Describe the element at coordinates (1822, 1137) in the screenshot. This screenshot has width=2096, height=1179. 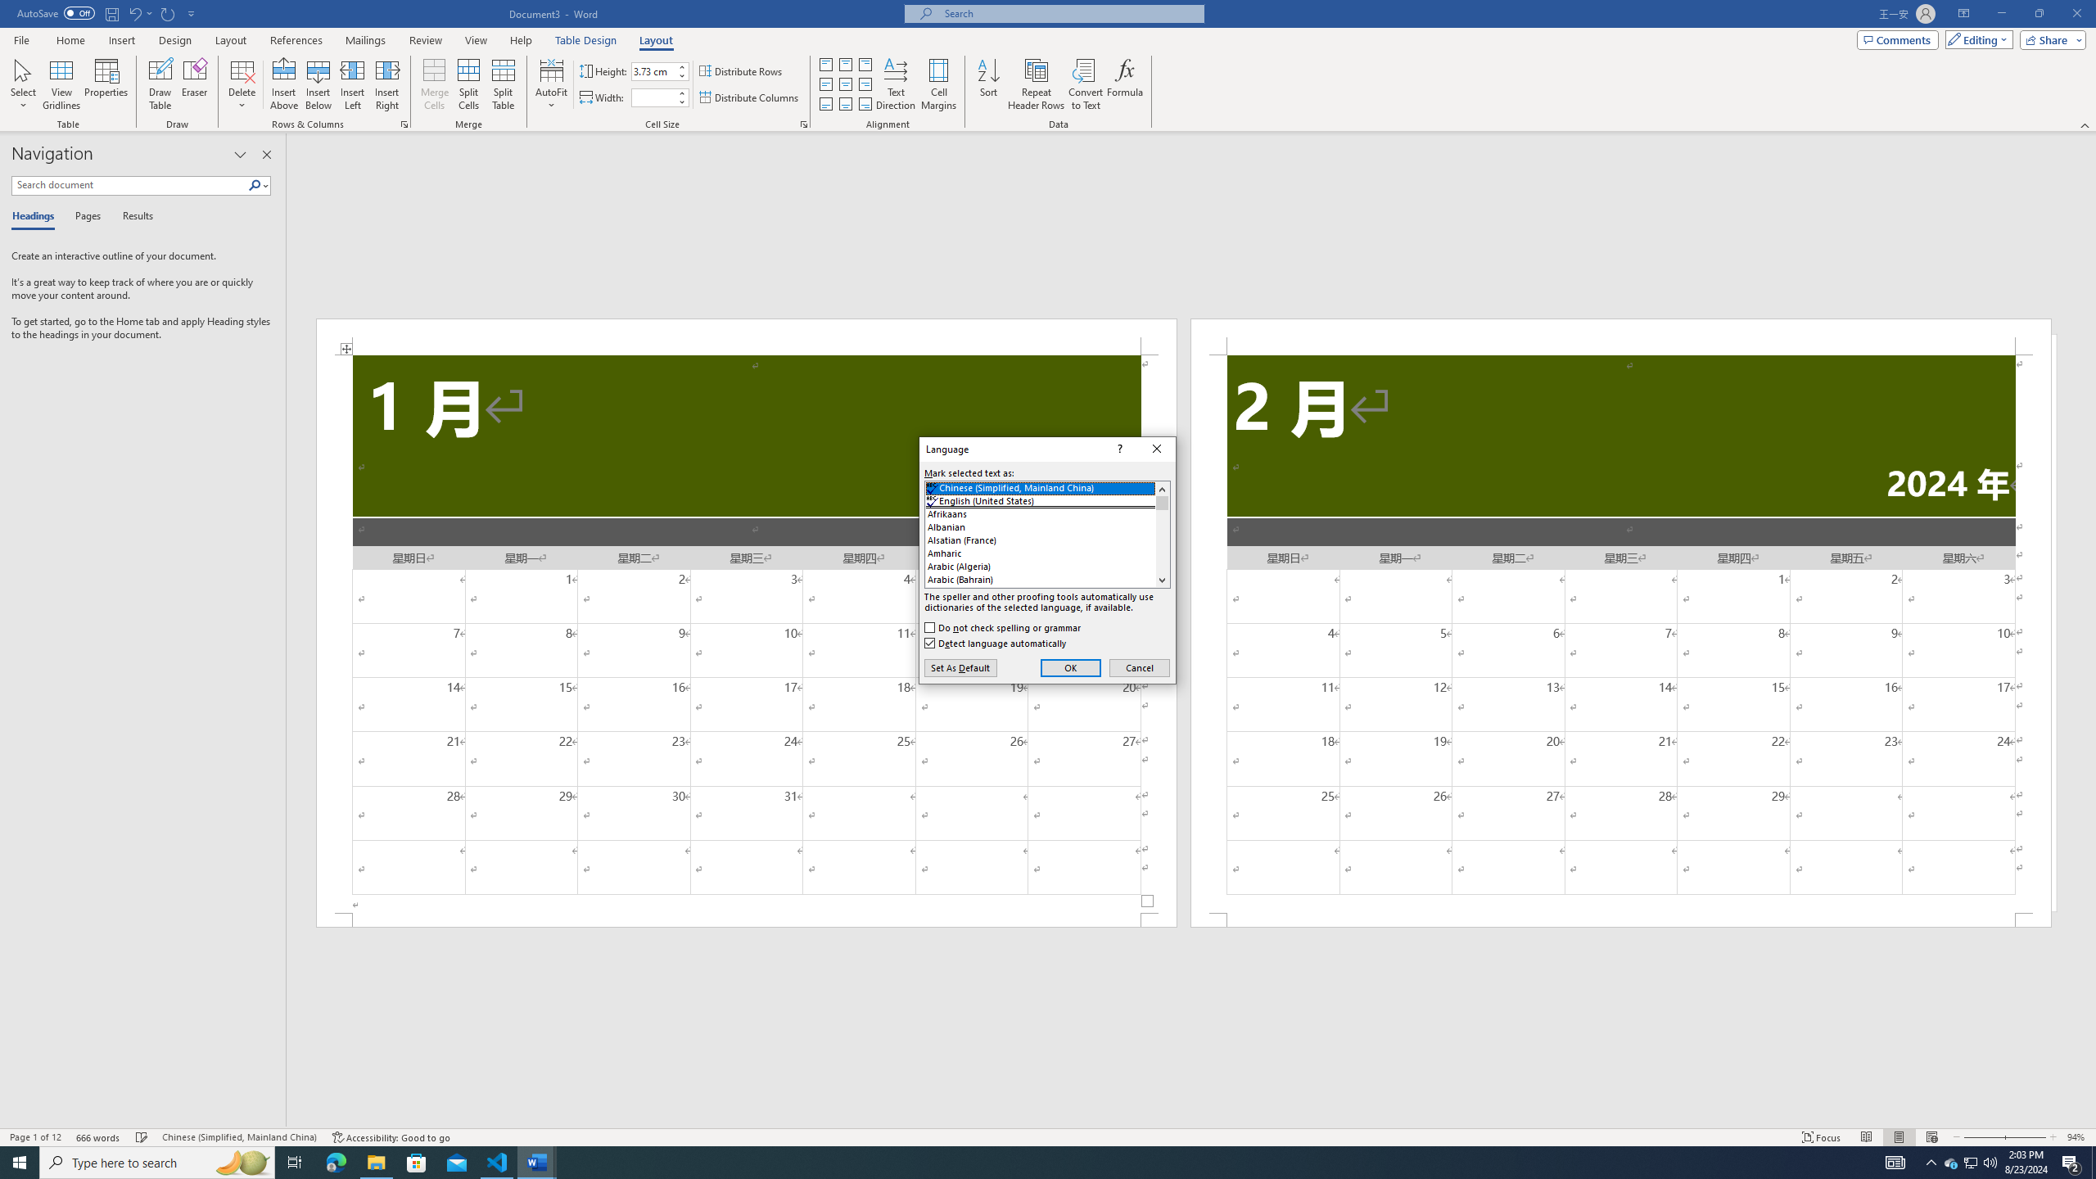
I see `'Focus '` at that location.